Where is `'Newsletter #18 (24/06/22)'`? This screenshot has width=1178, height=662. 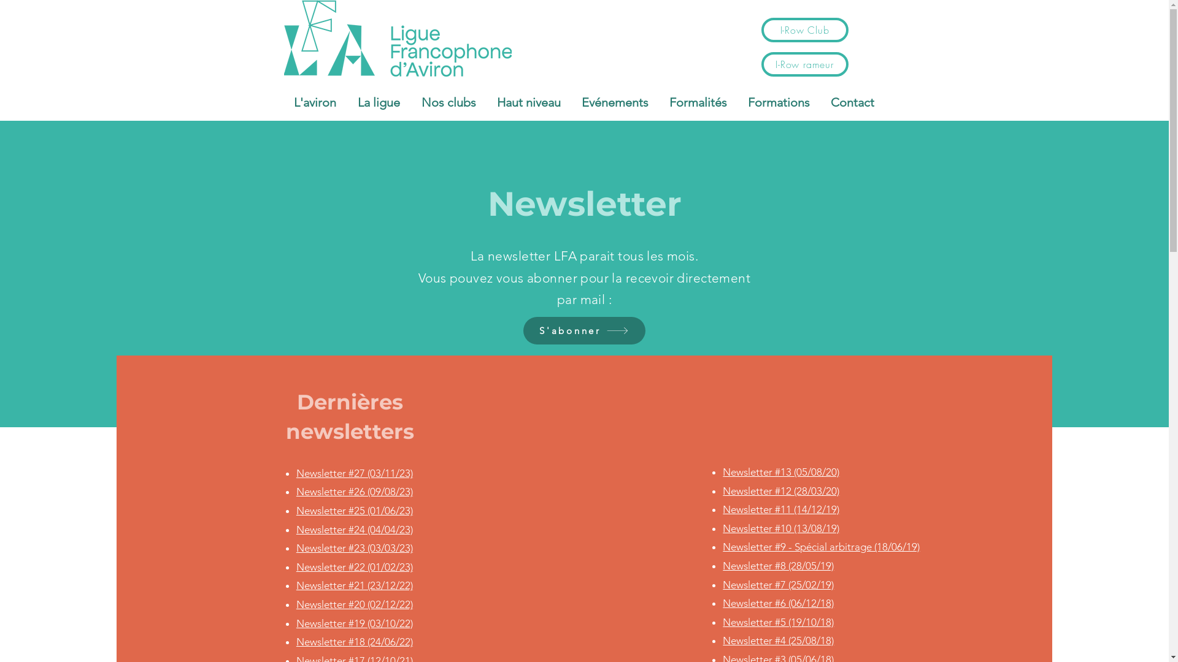
'Newsletter #18 (24/06/22)' is located at coordinates (353, 641).